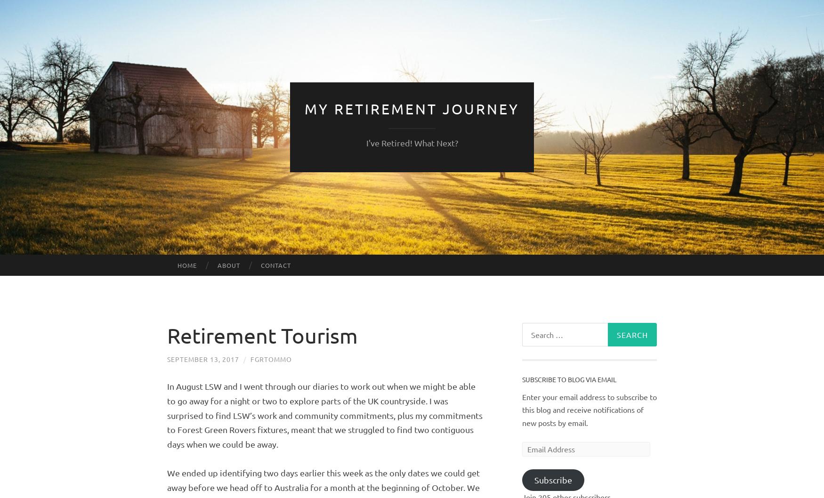  What do you see at coordinates (412, 108) in the screenshot?
I see `'My Retirement Journey'` at bounding box center [412, 108].